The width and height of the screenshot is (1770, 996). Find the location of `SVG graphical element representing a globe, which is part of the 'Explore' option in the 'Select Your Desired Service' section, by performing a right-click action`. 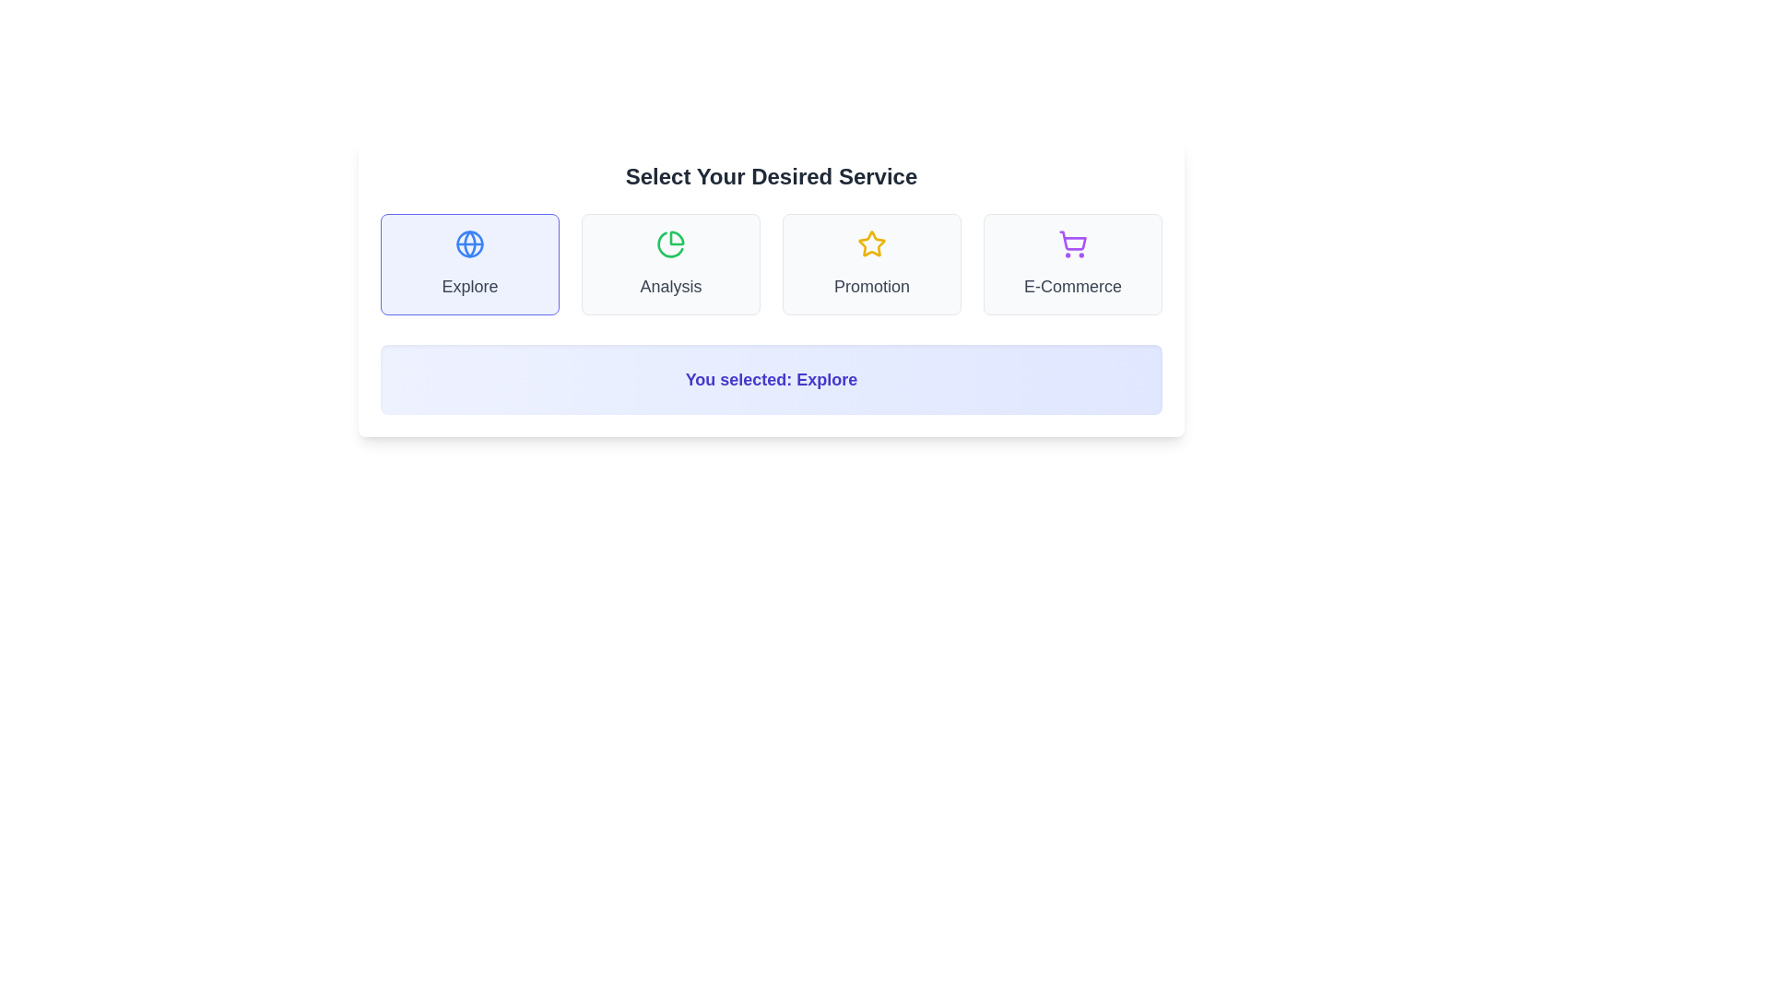

SVG graphical element representing a globe, which is part of the 'Explore' option in the 'Select Your Desired Service' section, by performing a right-click action is located at coordinates (469, 243).